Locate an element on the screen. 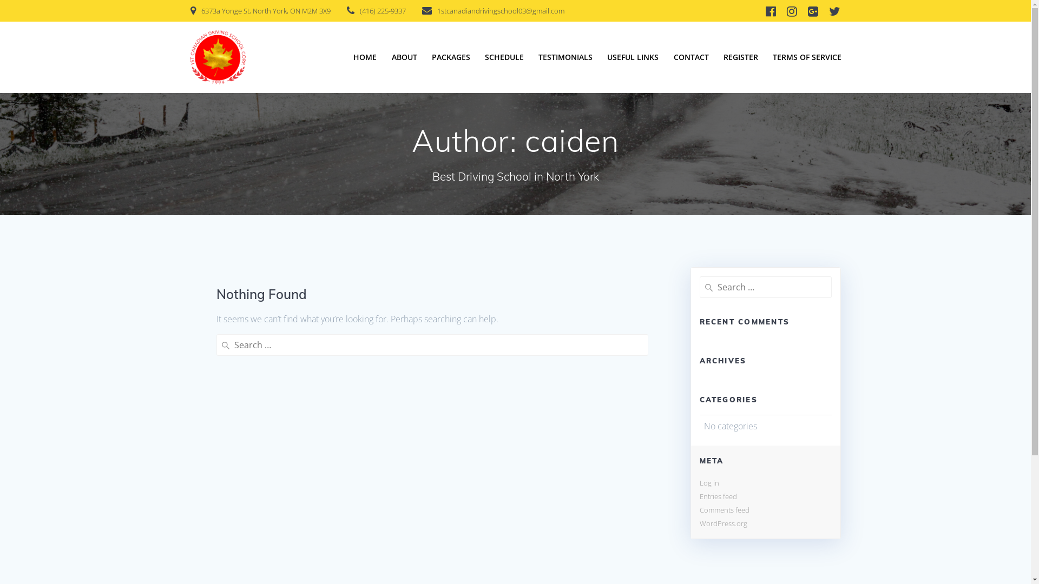 This screenshot has height=584, width=1039. 'REGISTER' is located at coordinates (740, 57).